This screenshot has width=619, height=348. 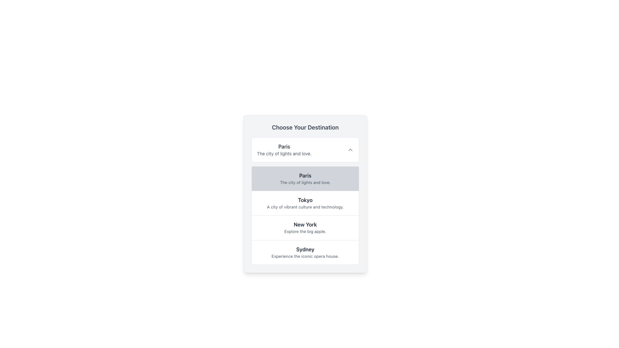 What do you see at coordinates (305, 200) in the screenshot?
I see `text label that describes a city, specifically the label positioned below the 'Paris' entry and above the 'New York' entry, containing the text 'A city of vibrant culture and technology.'` at bounding box center [305, 200].